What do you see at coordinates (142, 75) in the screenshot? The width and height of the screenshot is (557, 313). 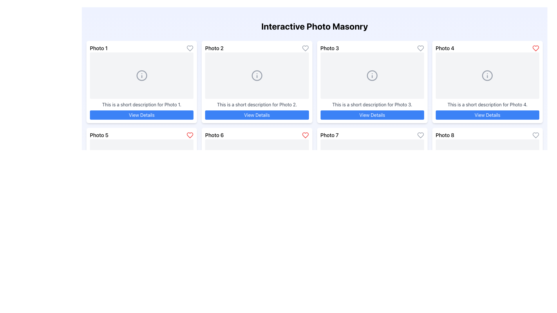 I see `the innermost circle of the information icon located in the top-left corner of the photo grid for 'Photo 1'` at bounding box center [142, 75].